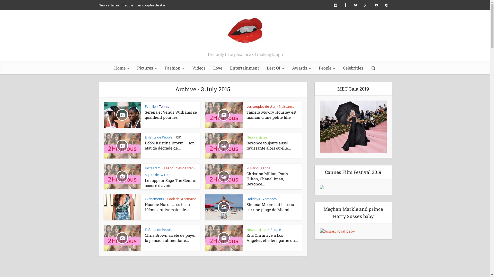  Describe the element at coordinates (163, 168) in the screenshot. I see `'Les couples de star'` at that location.